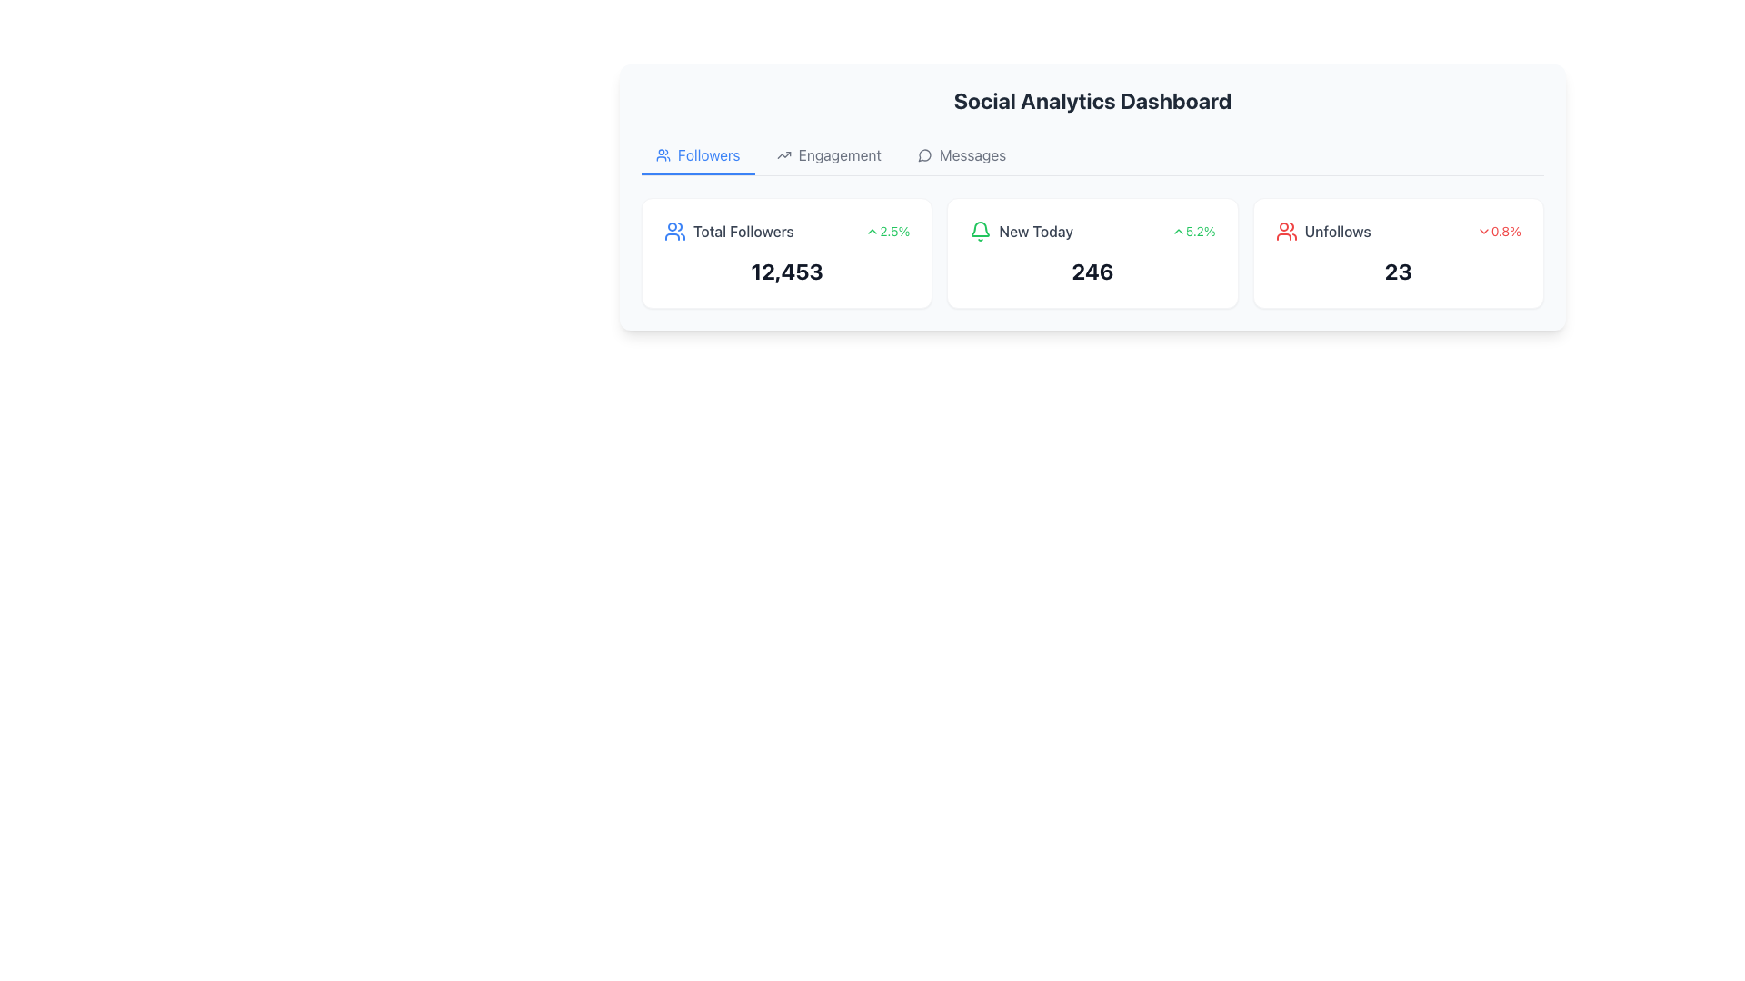 Image resolution: width=1745 pixels, height=981 pixels. What do you see at coordinates (743, 230) in the screenshot?
I see `the 'Total Followers' text label, which is styled with a medium gray font and is located within a dashboard component adjacent to a user icon` at bounding box center [743, 230].